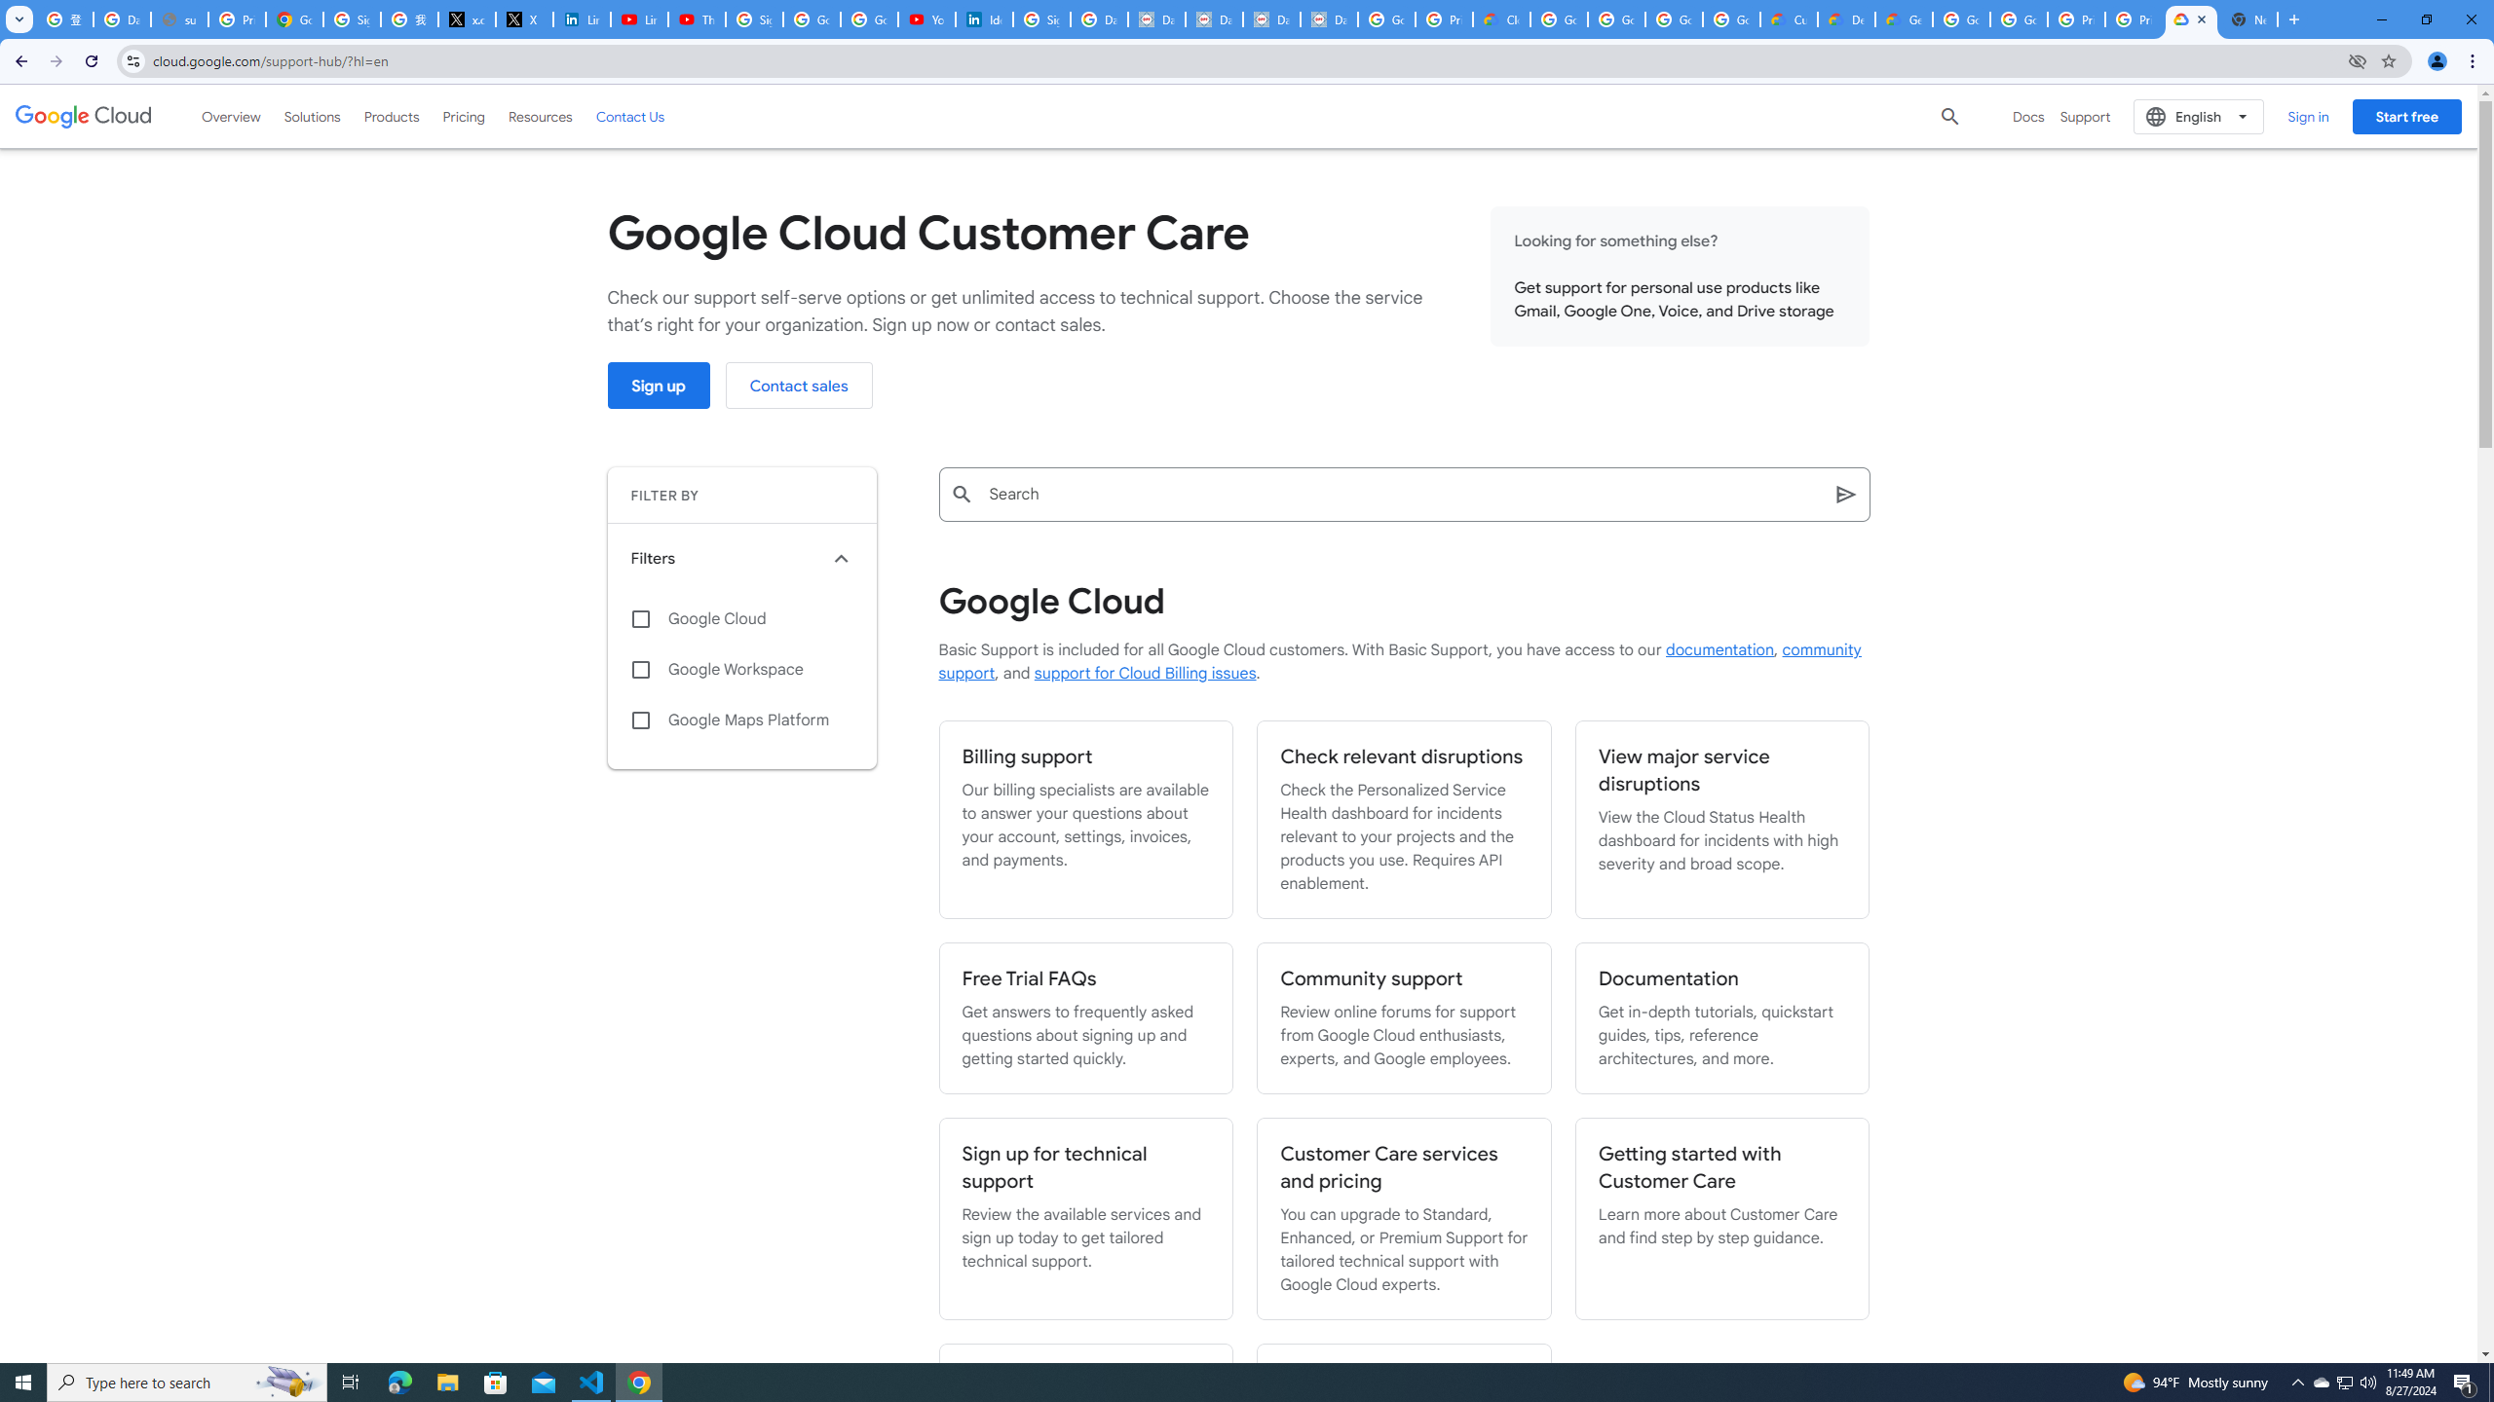  I want to click on 'Google Workspace - Specific Terms', so click(1730, 18).